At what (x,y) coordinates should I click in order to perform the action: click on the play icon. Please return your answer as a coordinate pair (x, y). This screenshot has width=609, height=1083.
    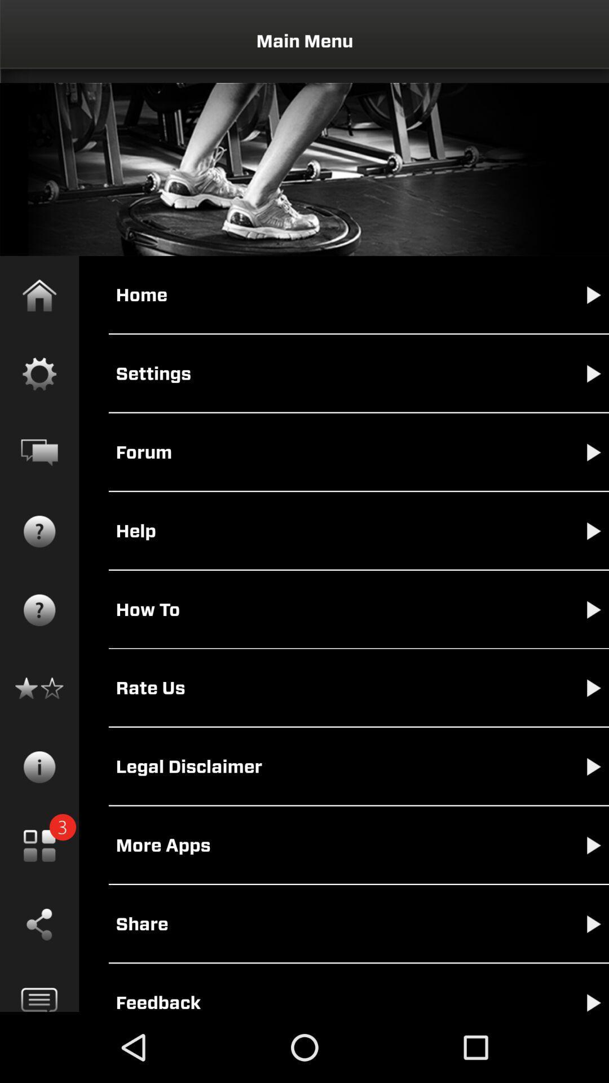
    Looking at the image, I should click on (582, 940).